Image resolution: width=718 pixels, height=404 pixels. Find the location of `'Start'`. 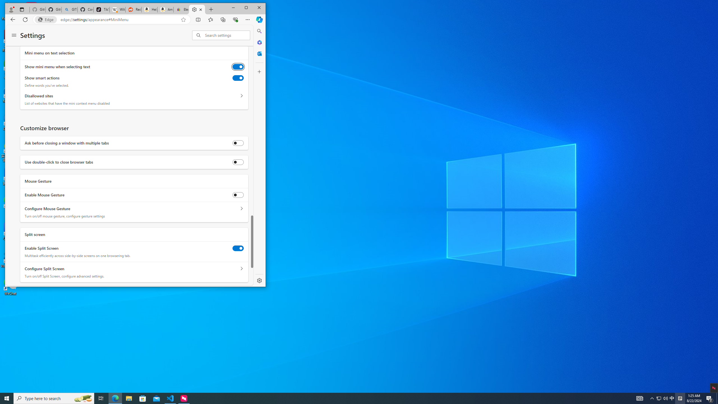

'Start' is located at coordinates (7, 398).